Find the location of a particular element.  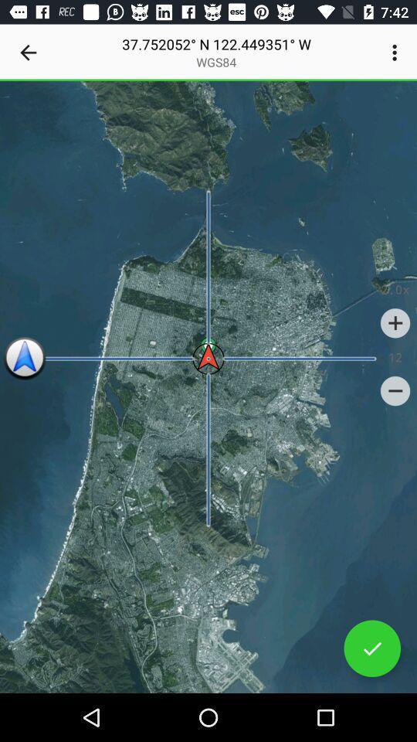

the icon next to 37 752052 n item is located at coordinates (28, 53).